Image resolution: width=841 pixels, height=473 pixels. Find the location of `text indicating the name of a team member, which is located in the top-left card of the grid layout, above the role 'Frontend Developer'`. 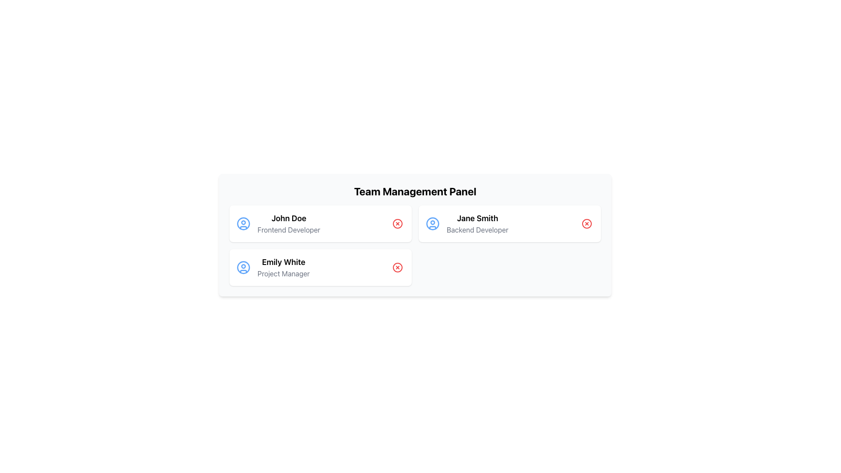

text indicating the name of a team member, which is located in the top-left card of the grid layout, above the role 'Frontend Developer' is located at coordinates (289, 218).